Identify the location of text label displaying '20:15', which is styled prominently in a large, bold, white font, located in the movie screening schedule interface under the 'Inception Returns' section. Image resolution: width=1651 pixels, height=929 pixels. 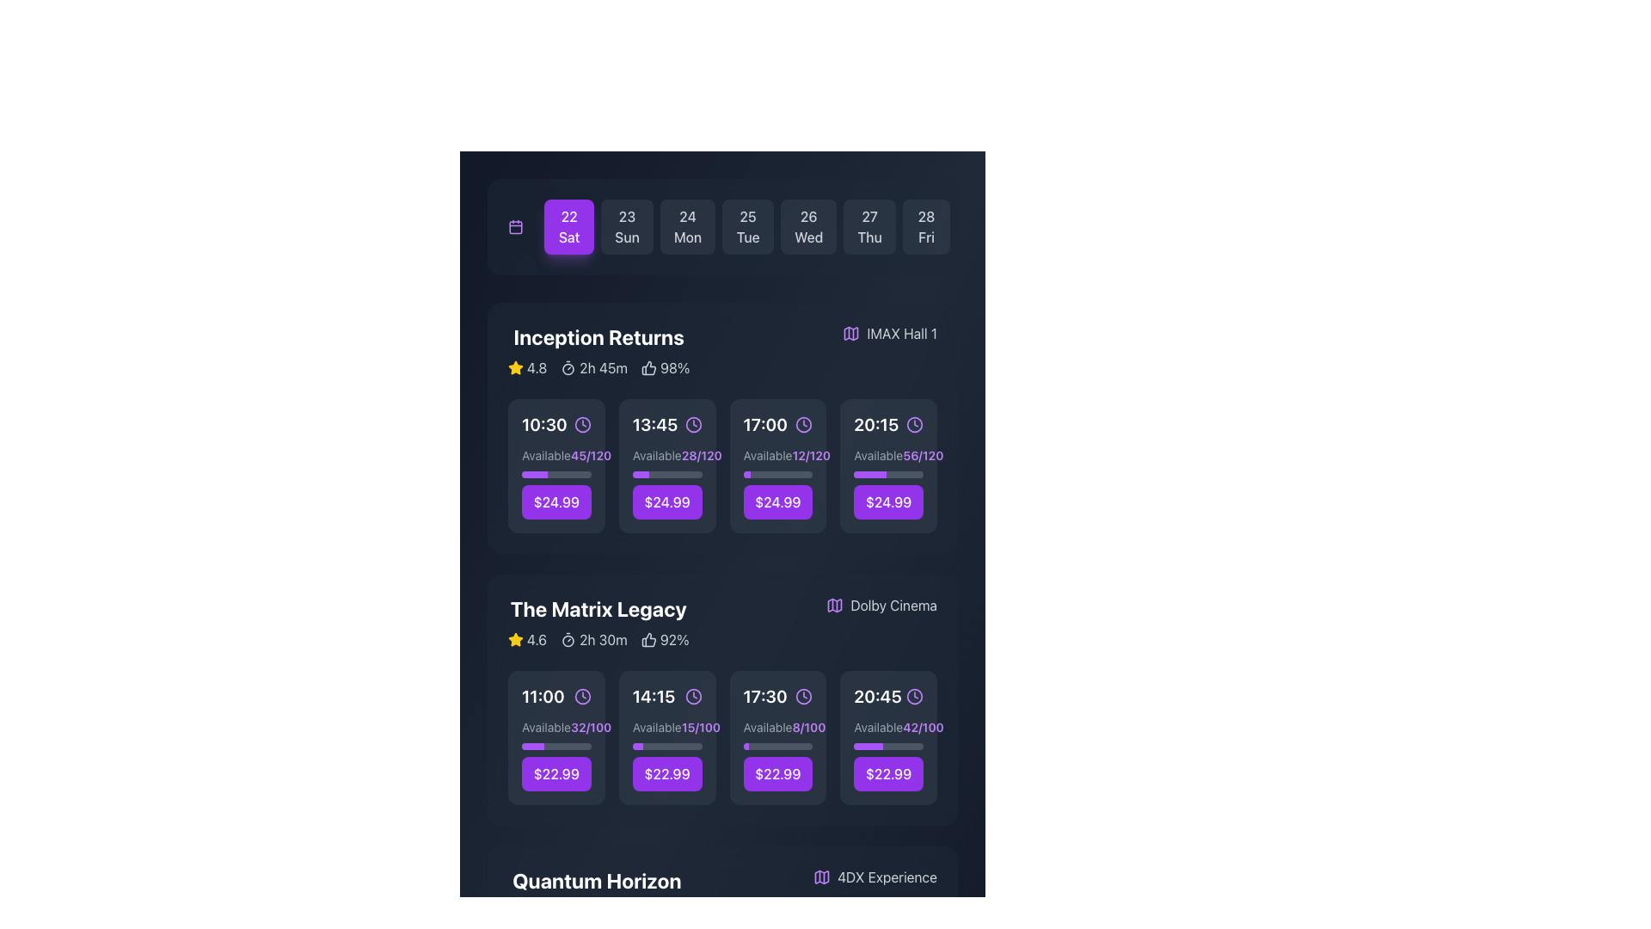
(876, 424).